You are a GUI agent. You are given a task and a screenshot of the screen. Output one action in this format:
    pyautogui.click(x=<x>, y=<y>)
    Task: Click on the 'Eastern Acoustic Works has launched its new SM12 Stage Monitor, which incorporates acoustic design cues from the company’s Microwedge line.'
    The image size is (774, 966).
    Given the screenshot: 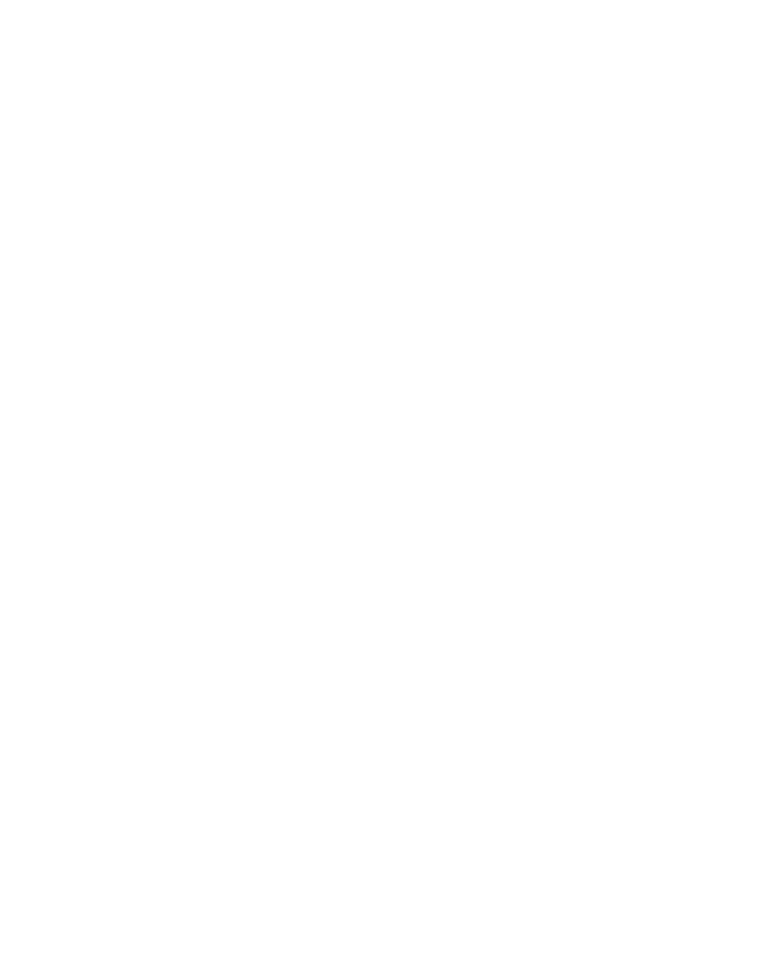 What is the action you would take?
    pyautogui.click(x=341, y=398)
    